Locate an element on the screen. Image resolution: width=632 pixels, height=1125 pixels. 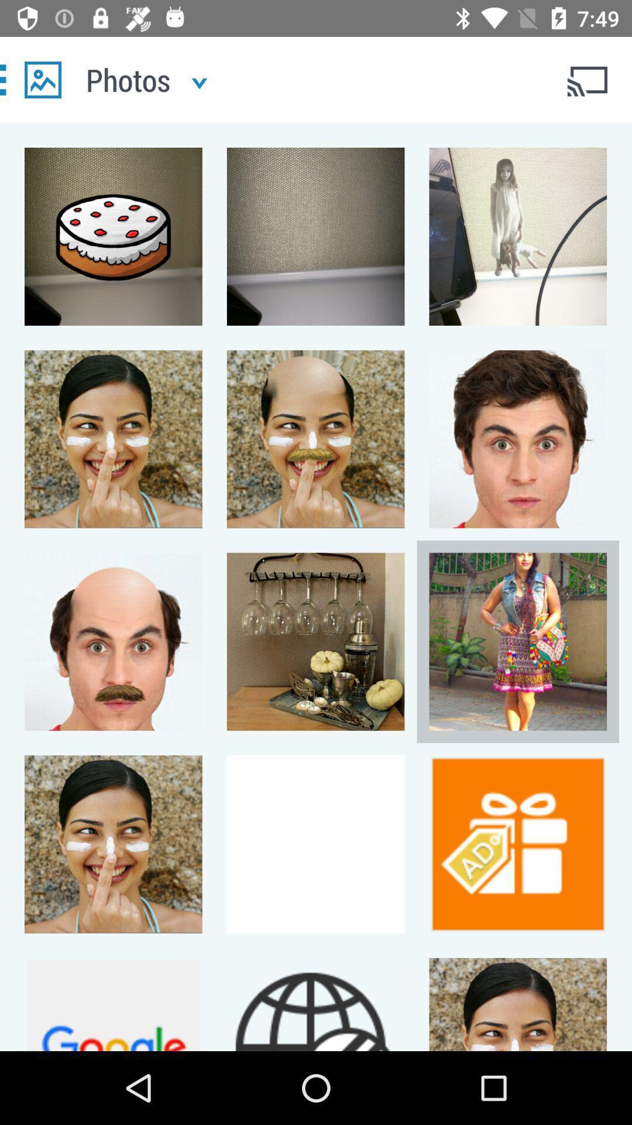
photos is located at coordinates (42, 79).